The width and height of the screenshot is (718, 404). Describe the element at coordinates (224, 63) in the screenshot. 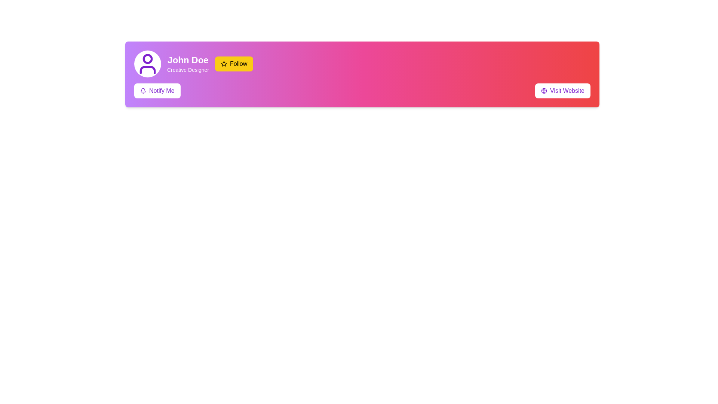

I see `the star icon located to the left of the yellow 'Follow' button, which contains bold text and is centrally aligned vertically within the button` at that location.